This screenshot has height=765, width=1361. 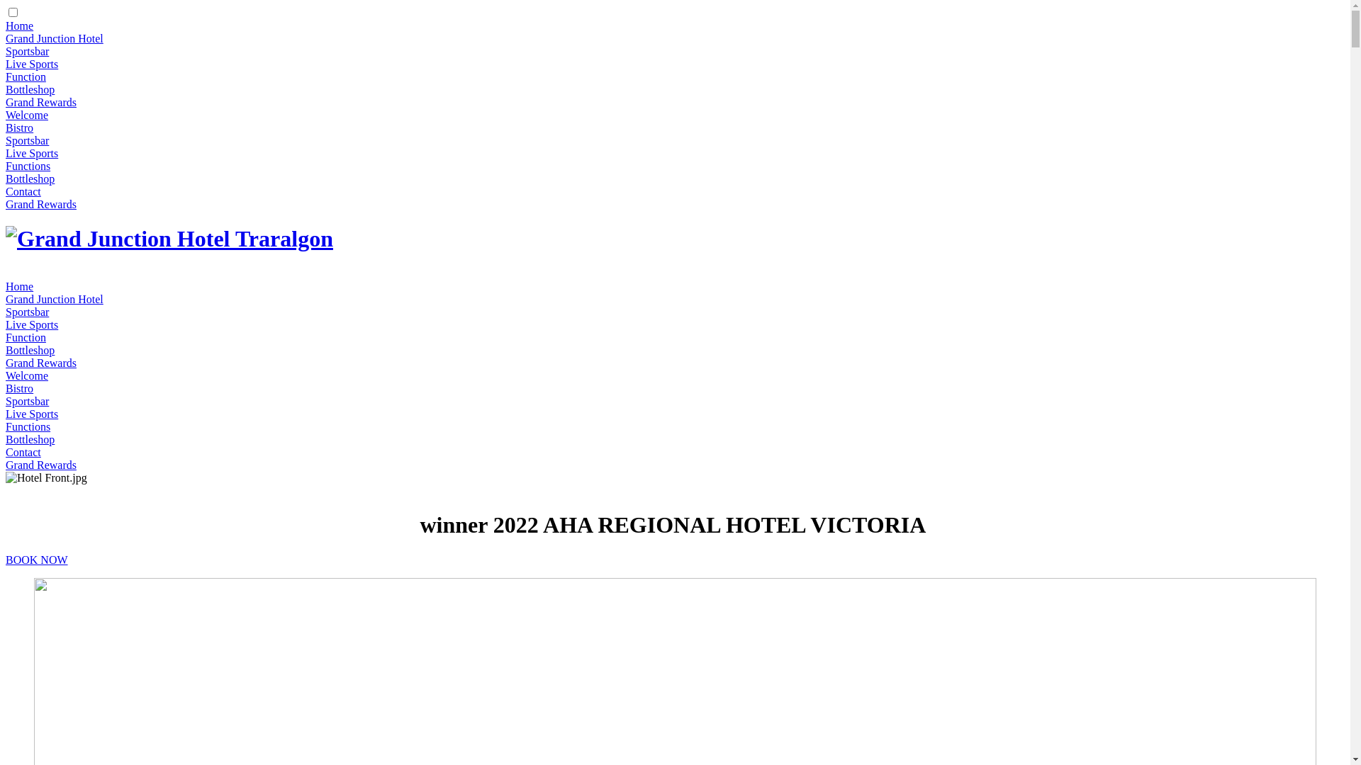 What do you see at coordinates (54, 298) in the screenshot?
I see `'Grand Junction Hotel'` at bounding box center [54, 298].